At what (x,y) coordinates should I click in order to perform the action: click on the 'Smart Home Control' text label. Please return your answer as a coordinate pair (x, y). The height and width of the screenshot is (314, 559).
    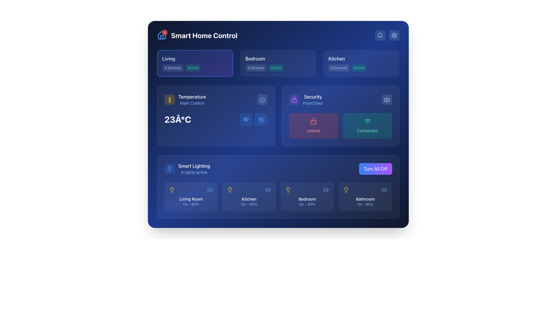
    Looking at the image, I should click on (204, 35).